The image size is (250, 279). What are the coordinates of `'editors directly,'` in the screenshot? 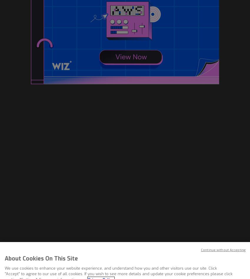 It's located at (62, 201).